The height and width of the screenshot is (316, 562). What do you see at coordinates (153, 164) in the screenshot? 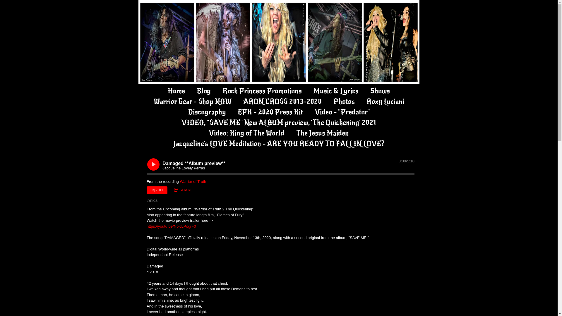
I see `'Play'` at bounding box center [153, 164].